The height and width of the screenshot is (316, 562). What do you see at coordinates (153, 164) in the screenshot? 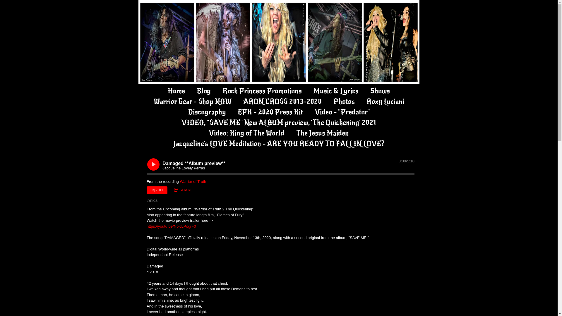
I see `'Play'` at bounding box center [153, 164].